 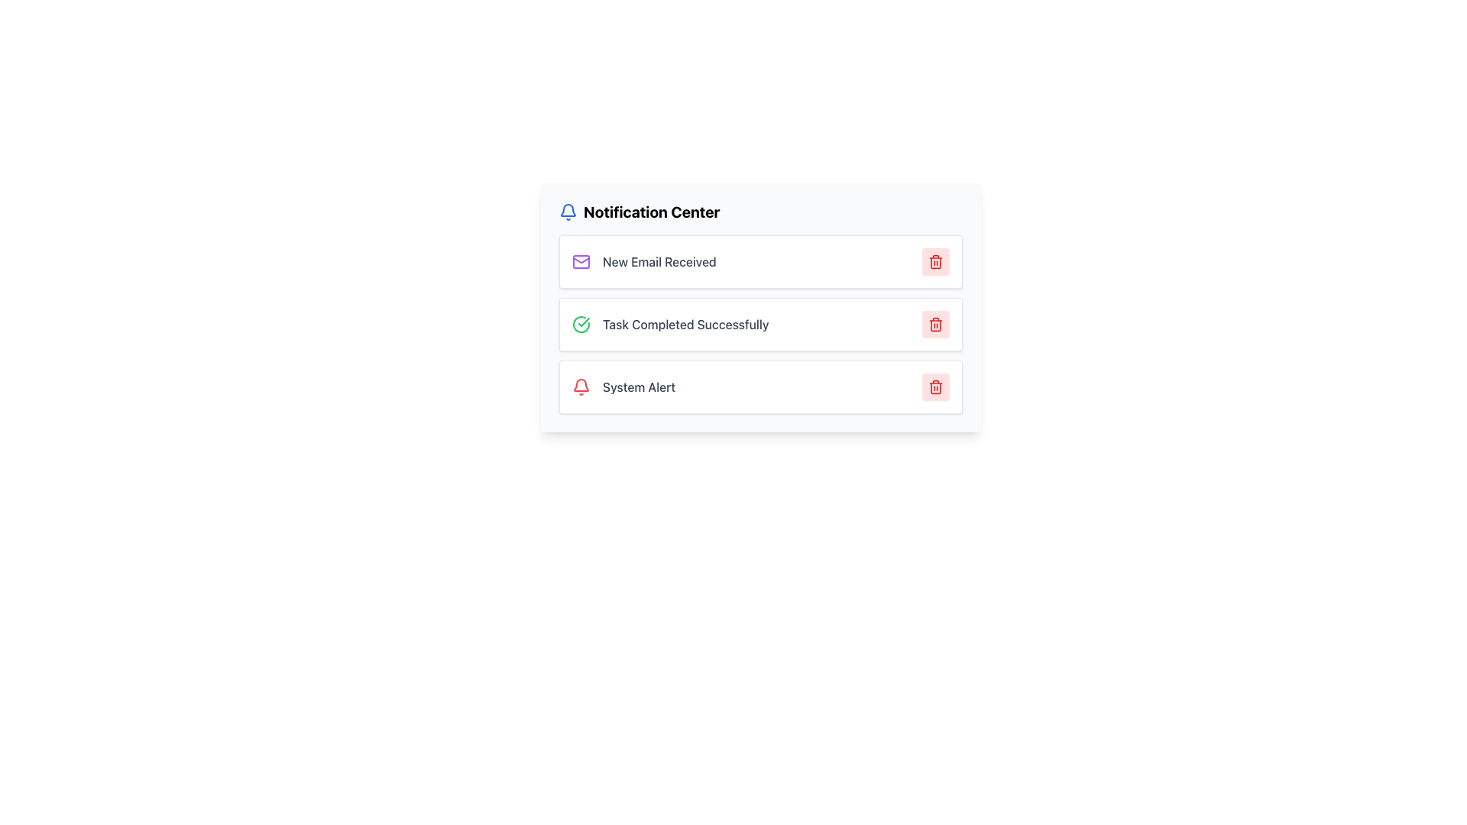 What do you see at coordinates (934, 261) in the screenshot?
I see `the delete button located at the far right side of the 'New Email Received' notification` at bounding box center [934, 261].